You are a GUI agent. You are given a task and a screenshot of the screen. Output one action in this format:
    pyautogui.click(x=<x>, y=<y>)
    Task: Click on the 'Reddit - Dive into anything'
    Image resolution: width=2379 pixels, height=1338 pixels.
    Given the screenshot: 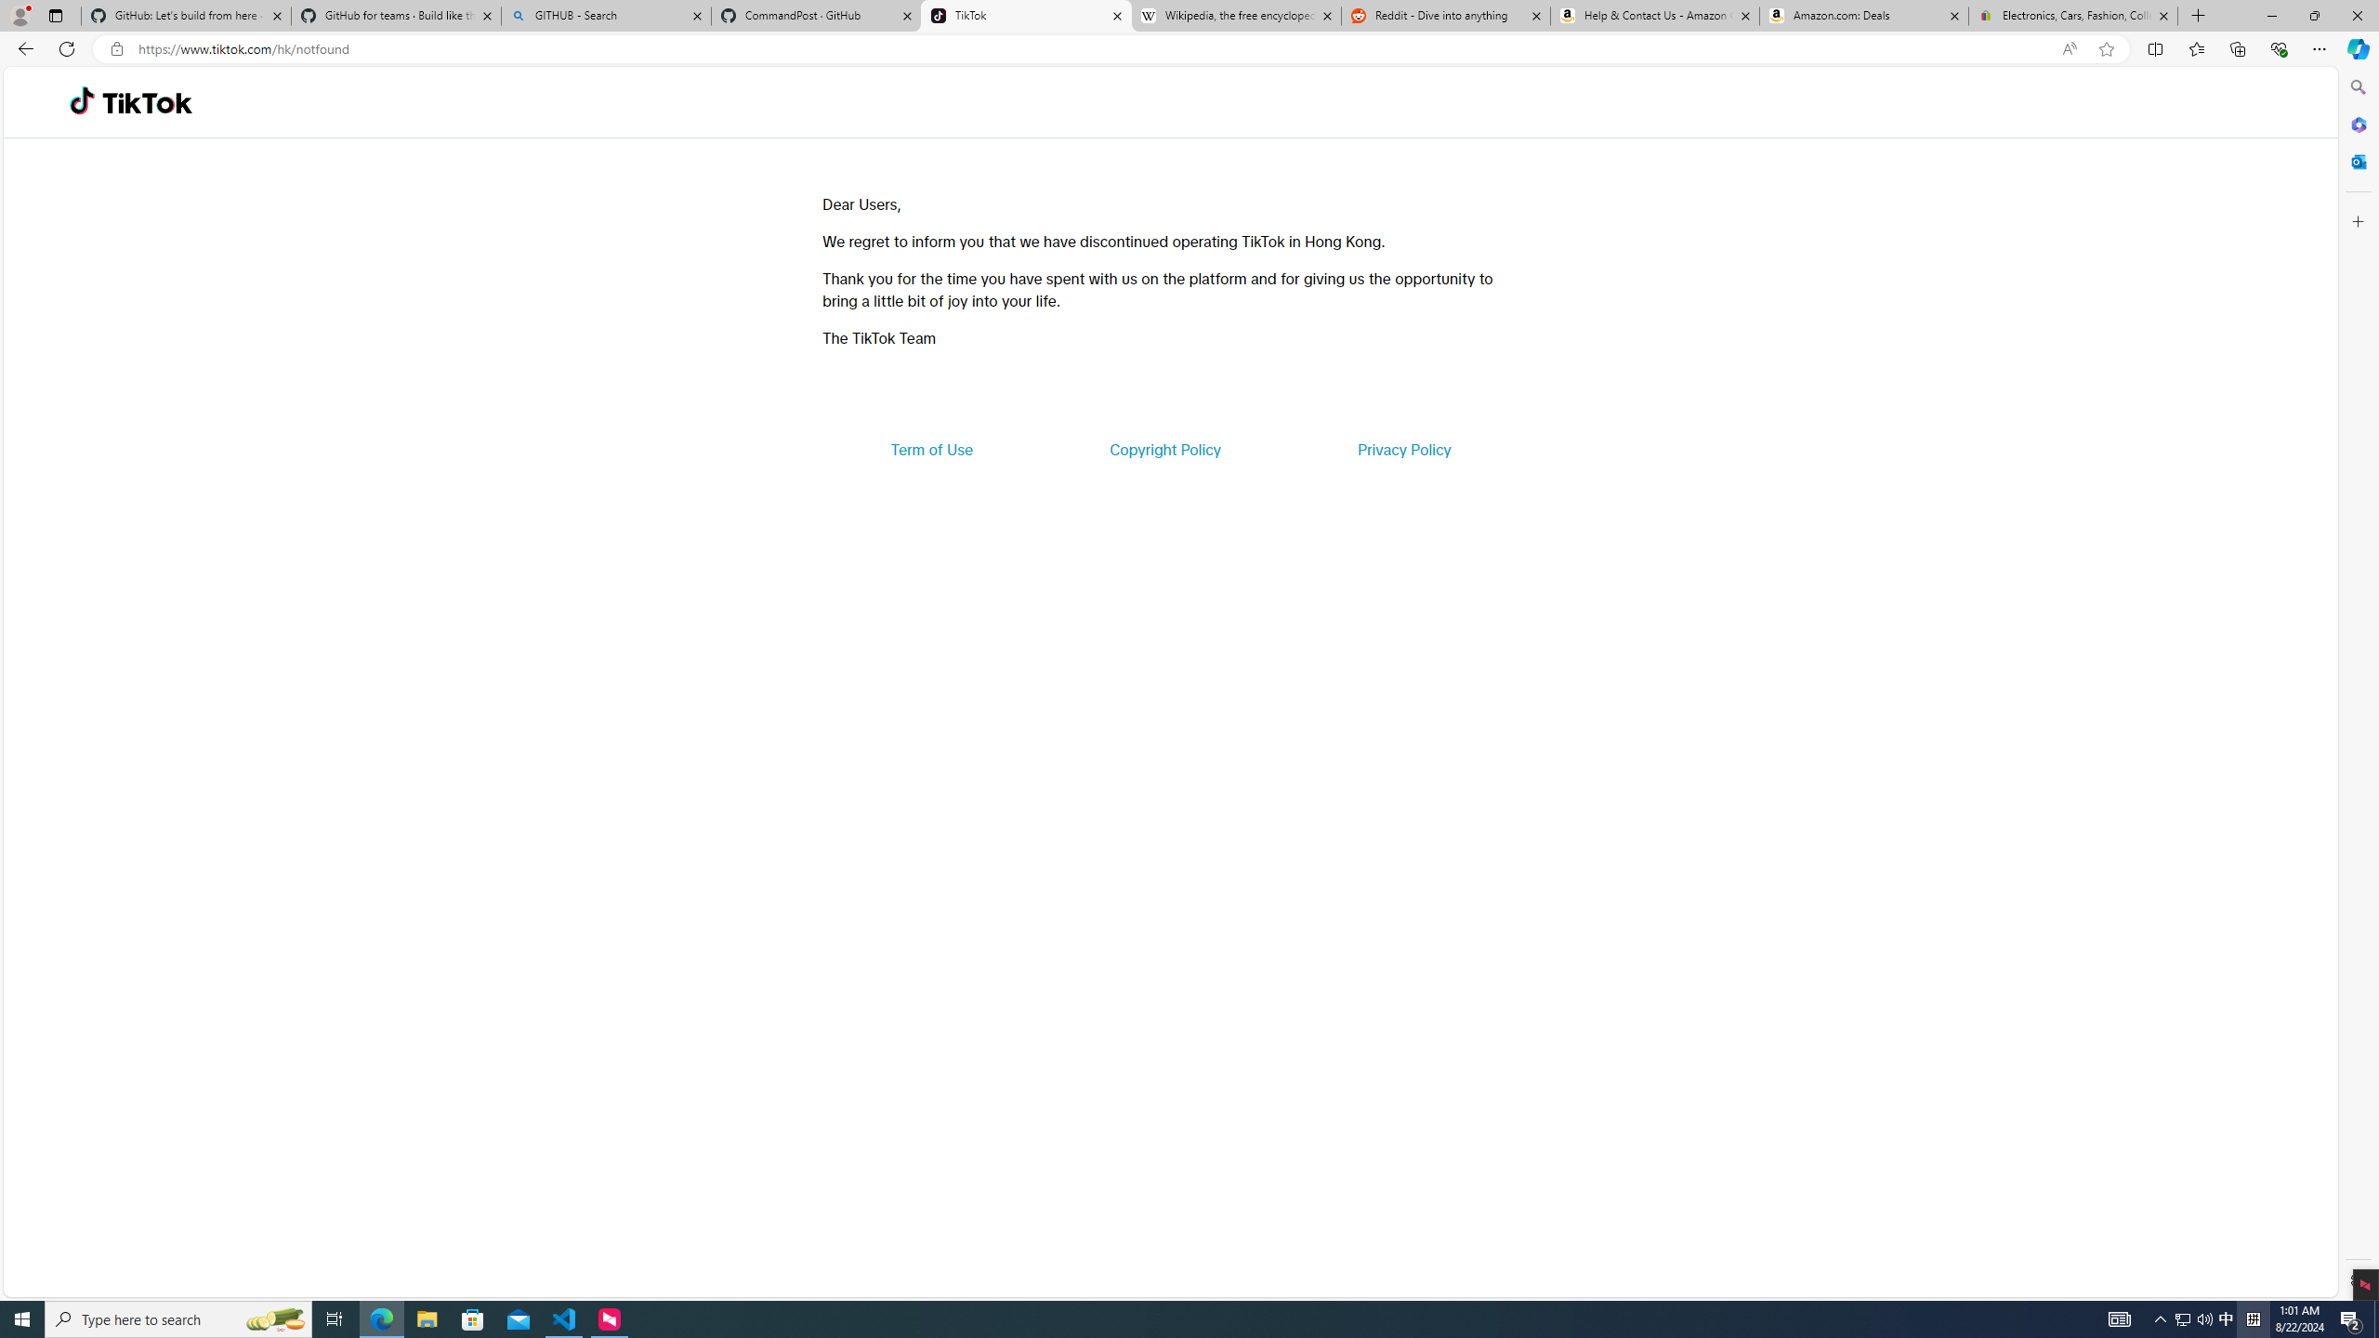 What is the action you would take?
    pyautogui.click(x=1446, y=15)
    